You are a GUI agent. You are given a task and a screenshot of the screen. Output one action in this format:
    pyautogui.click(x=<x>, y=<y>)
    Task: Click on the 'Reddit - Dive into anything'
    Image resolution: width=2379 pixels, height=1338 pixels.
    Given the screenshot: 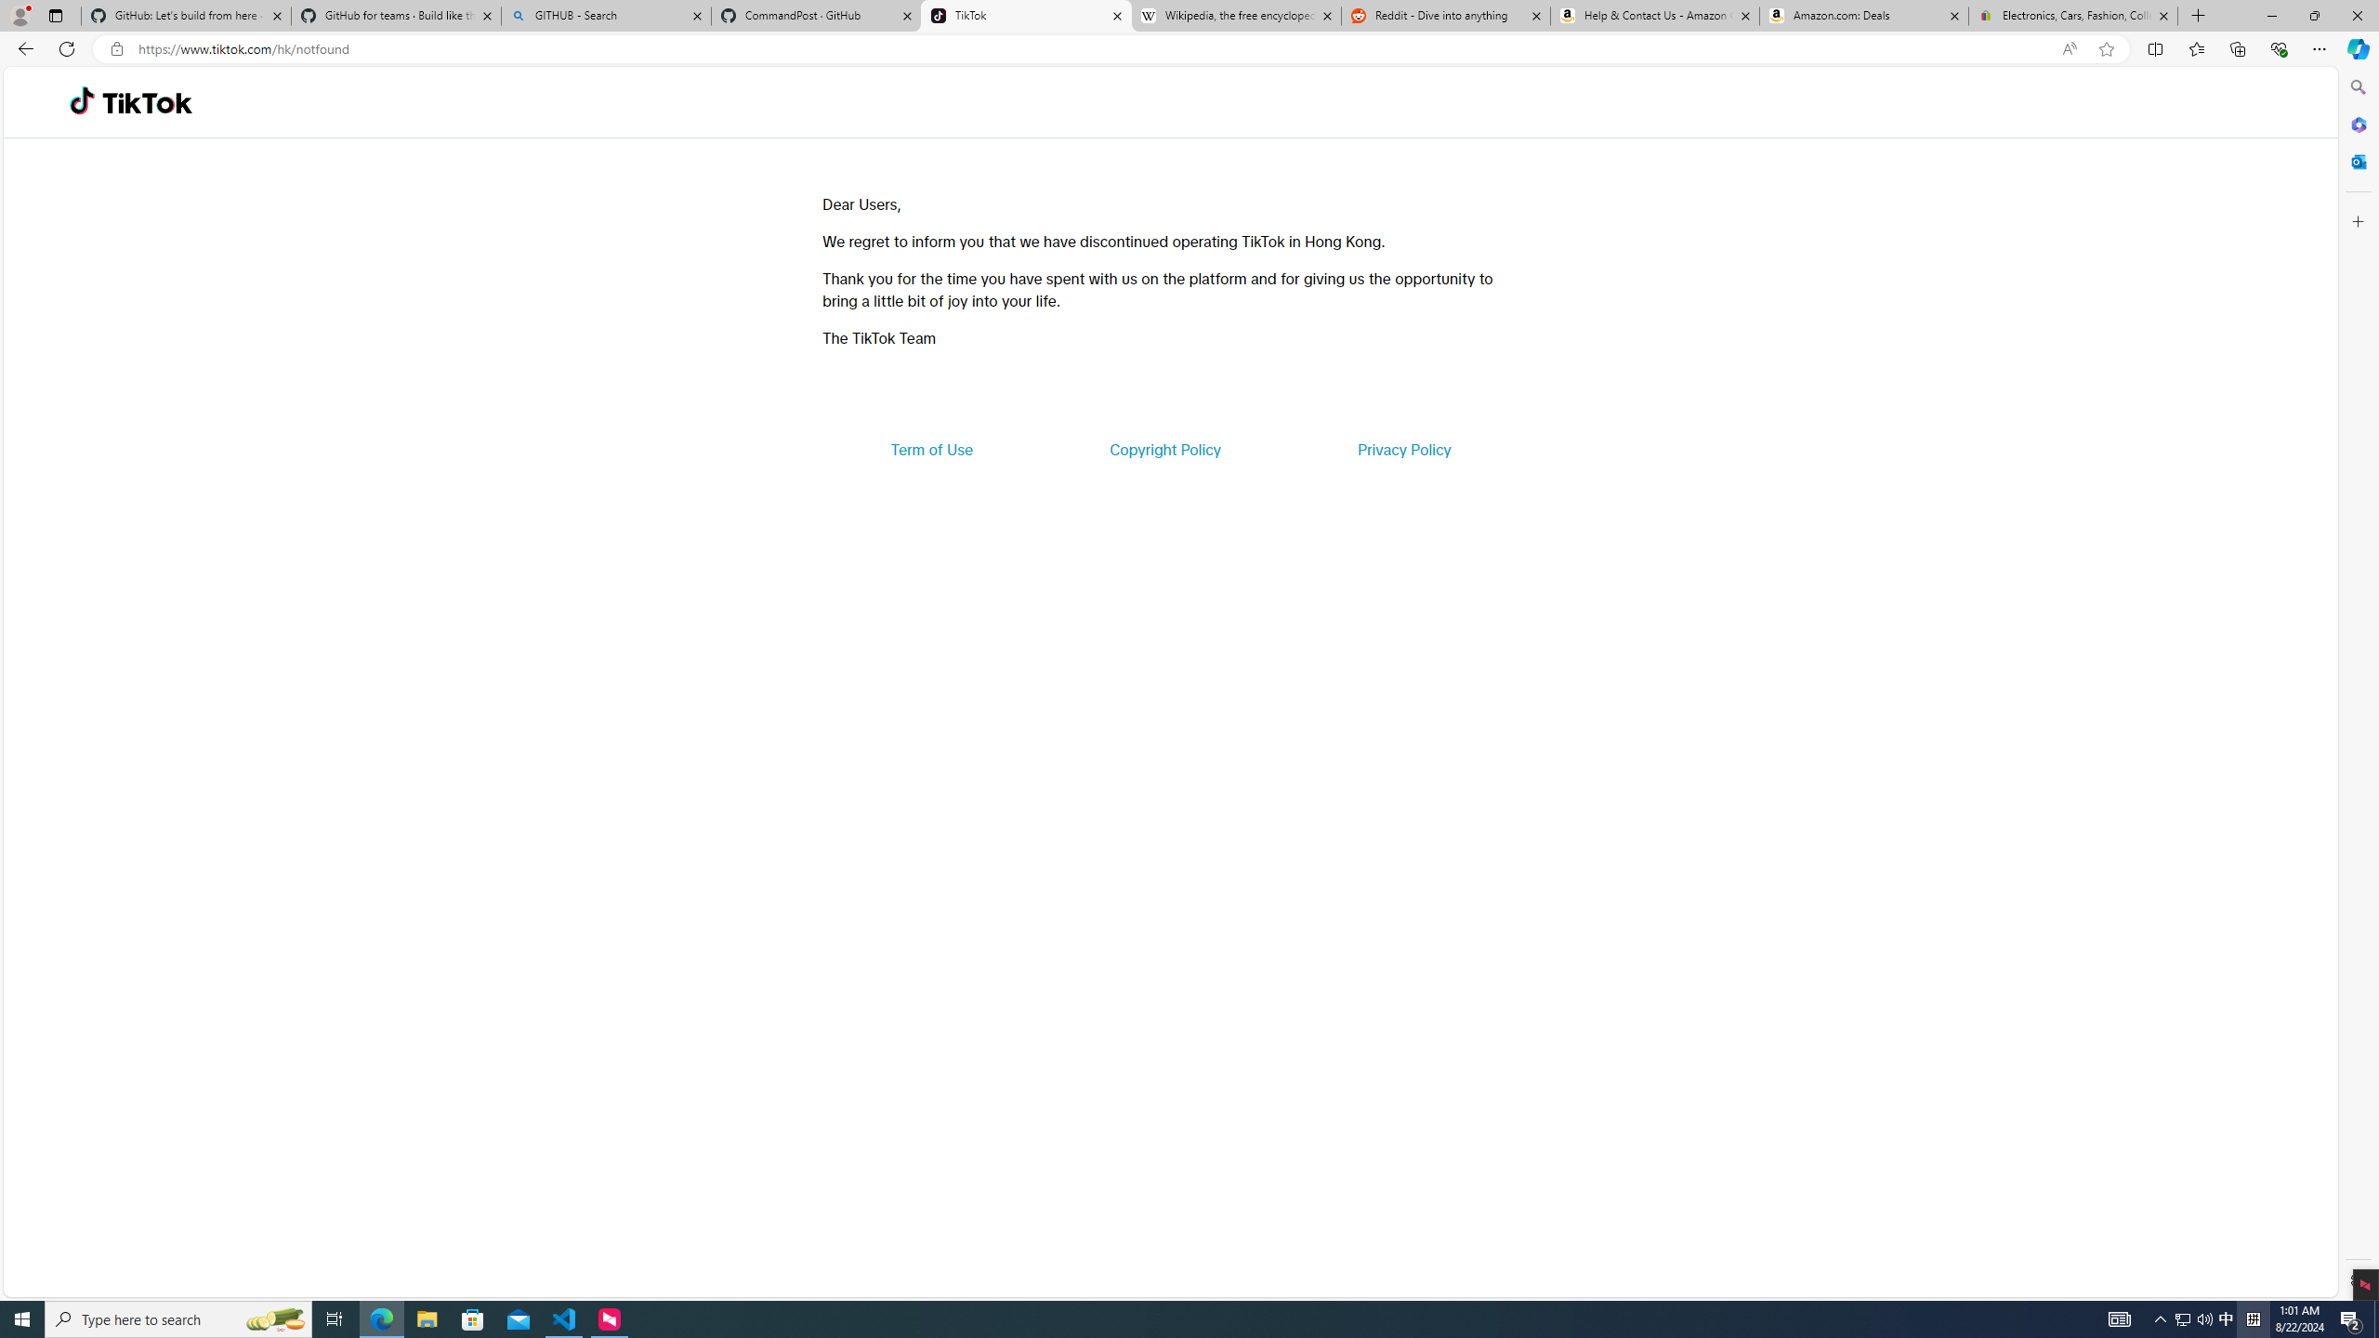 What is the action you would take?
    pyautogui.click(x=1446, y=15)
    